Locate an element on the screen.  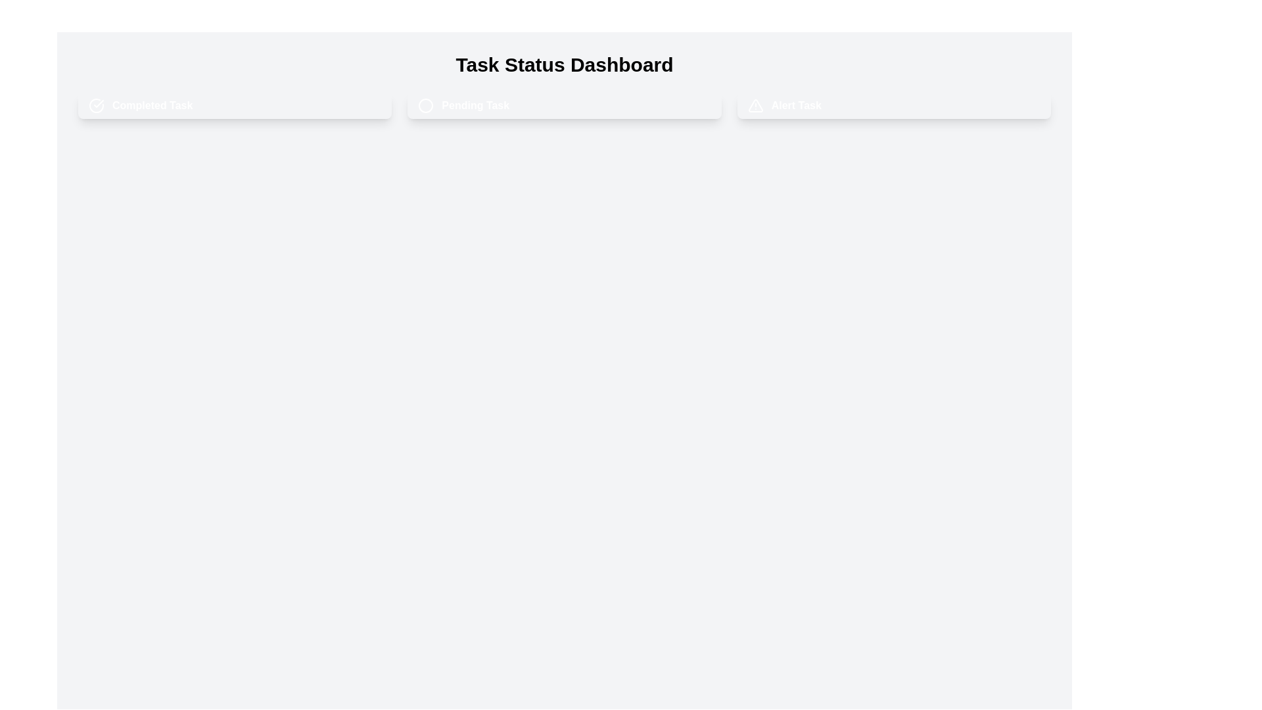
the task chip labeled alert Task is located at coordinates (894, 105).